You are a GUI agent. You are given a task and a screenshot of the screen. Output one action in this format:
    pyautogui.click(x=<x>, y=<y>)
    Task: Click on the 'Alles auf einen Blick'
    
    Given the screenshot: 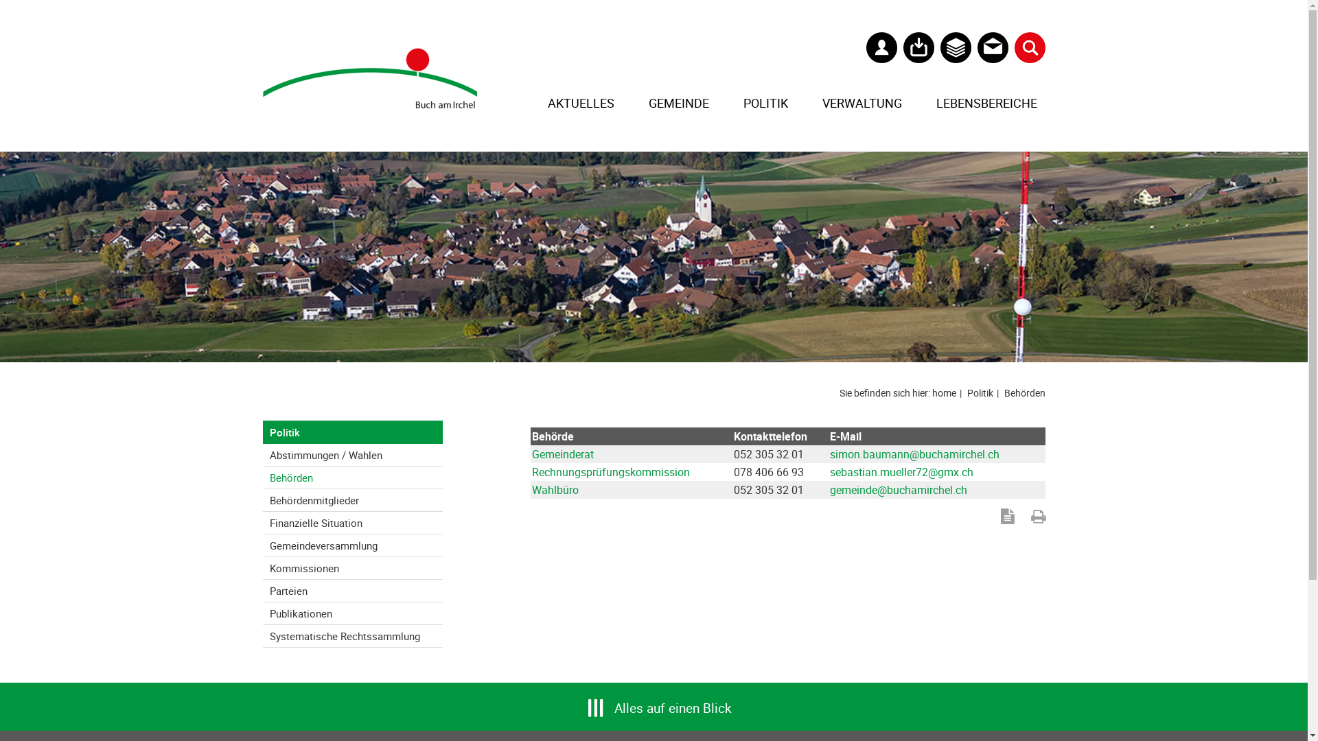 What is the action you would take?
    pyautogui.click(x=613, y=701)
    